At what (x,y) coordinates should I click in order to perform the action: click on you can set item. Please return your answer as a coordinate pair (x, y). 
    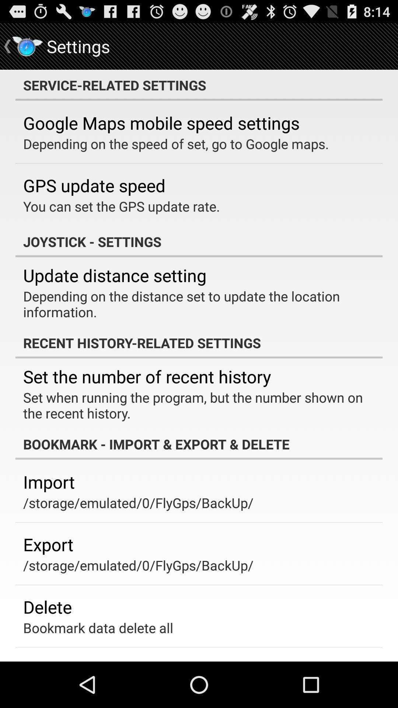
    Looking at the image, I should click on (121, 206).